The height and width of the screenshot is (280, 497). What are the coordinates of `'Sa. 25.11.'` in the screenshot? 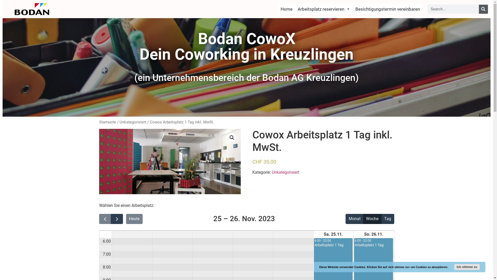 It's located at (323, 234).